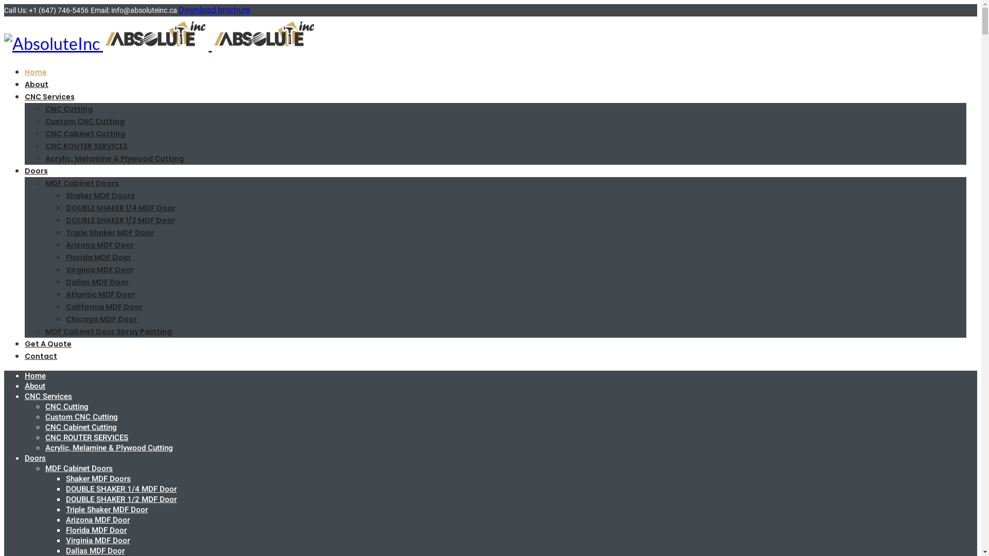  What do you see at coordinates (214, 10) in the screenshot?
I see `'Download brochure'` at bounding box center [214, 10].